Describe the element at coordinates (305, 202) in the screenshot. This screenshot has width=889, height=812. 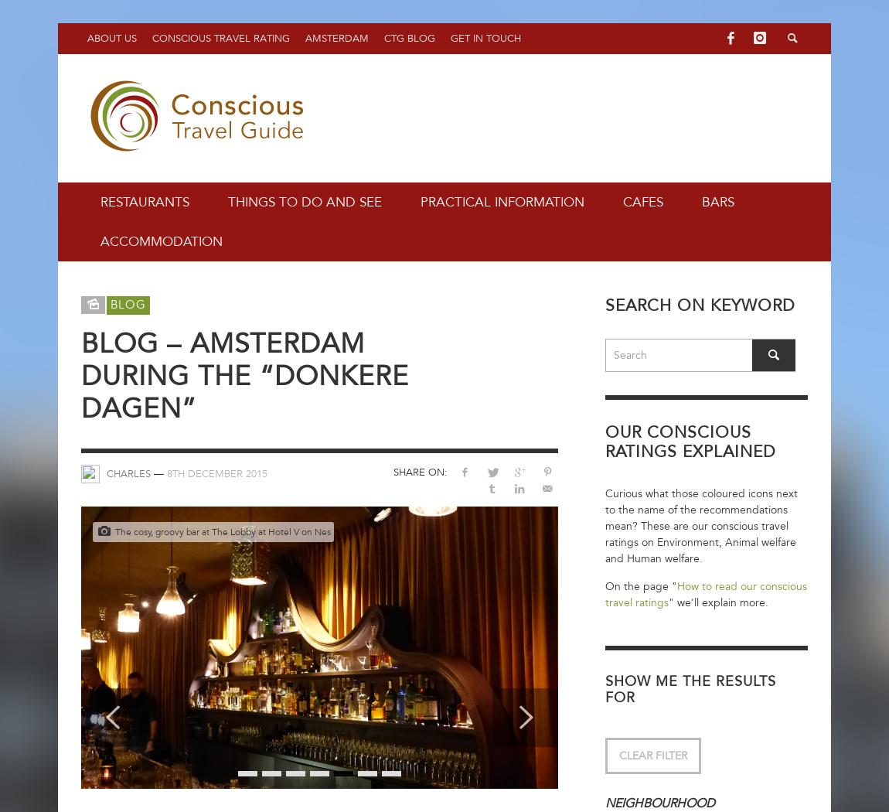
I see `'Things to do and see'` at that location.